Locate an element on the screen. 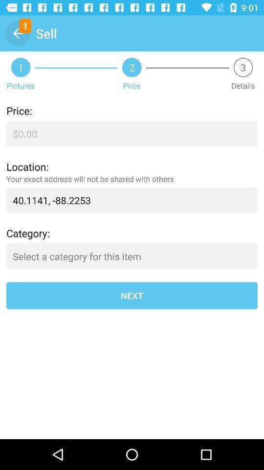  item to the left of the sell is located at coordinates (18, 33).